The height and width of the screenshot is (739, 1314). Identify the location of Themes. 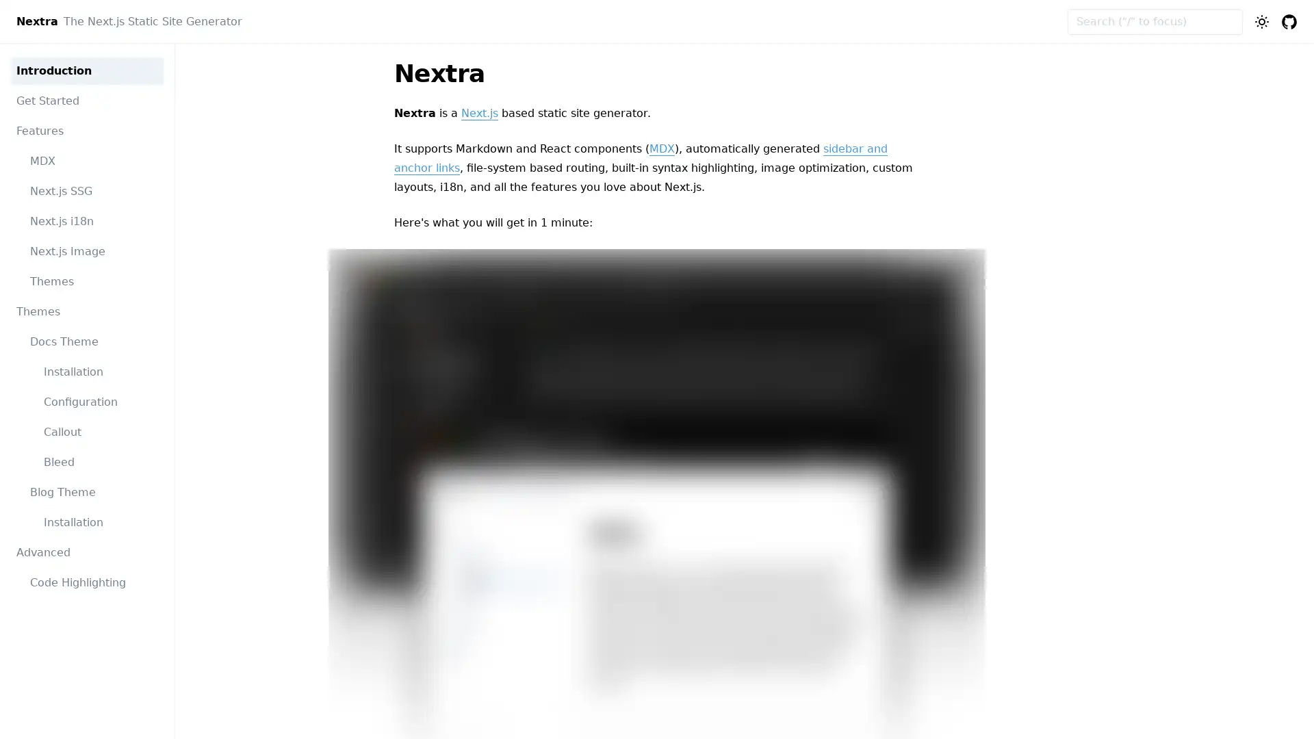
(86, 311).